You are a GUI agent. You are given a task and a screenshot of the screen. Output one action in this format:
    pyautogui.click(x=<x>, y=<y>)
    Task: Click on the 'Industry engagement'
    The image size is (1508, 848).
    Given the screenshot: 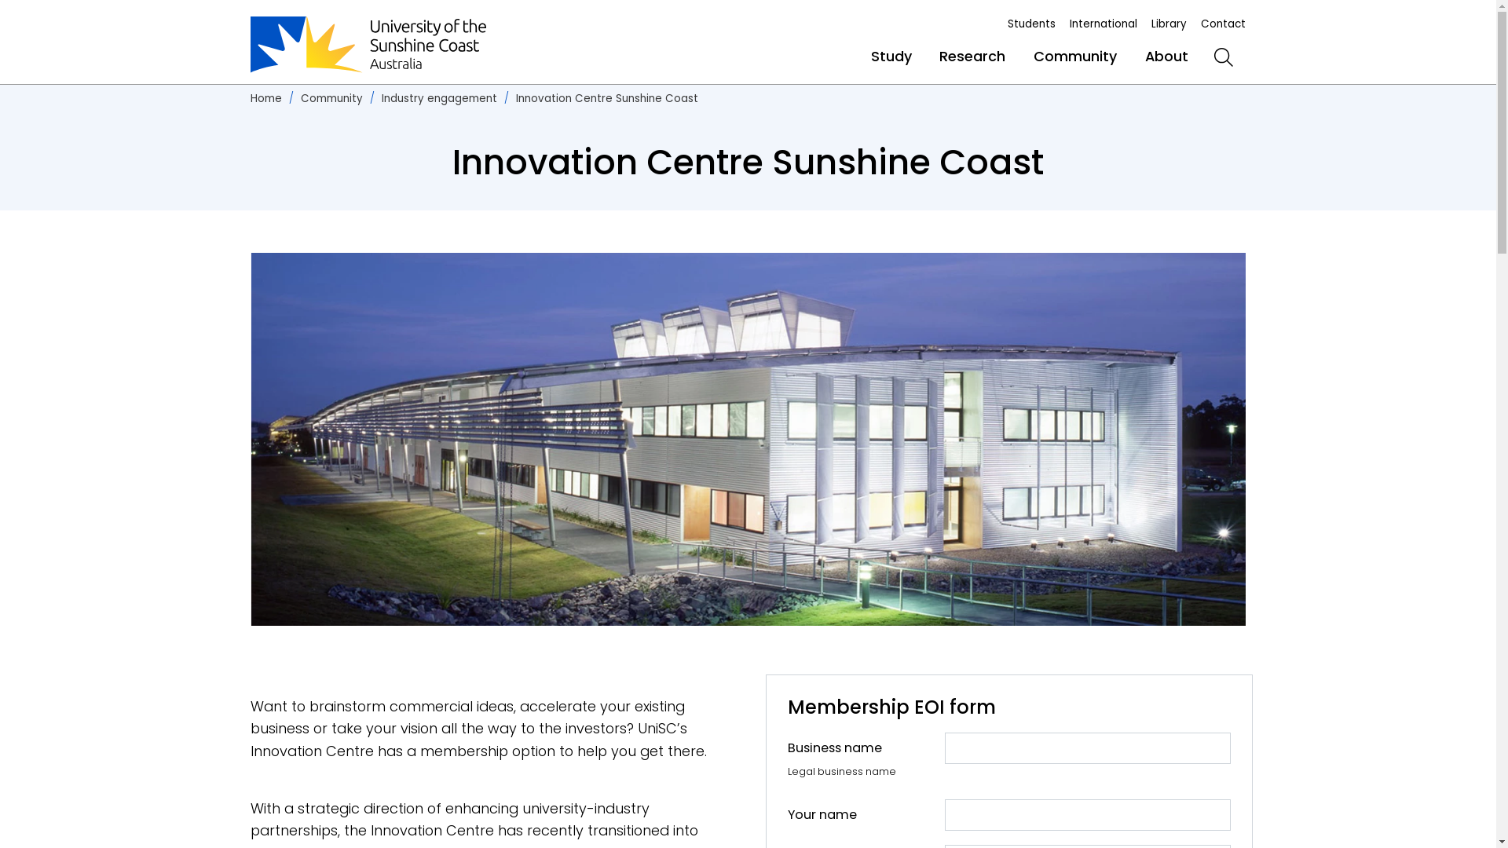 What is the action you would take?
    pyautogui.click(x=439, y=98)
    